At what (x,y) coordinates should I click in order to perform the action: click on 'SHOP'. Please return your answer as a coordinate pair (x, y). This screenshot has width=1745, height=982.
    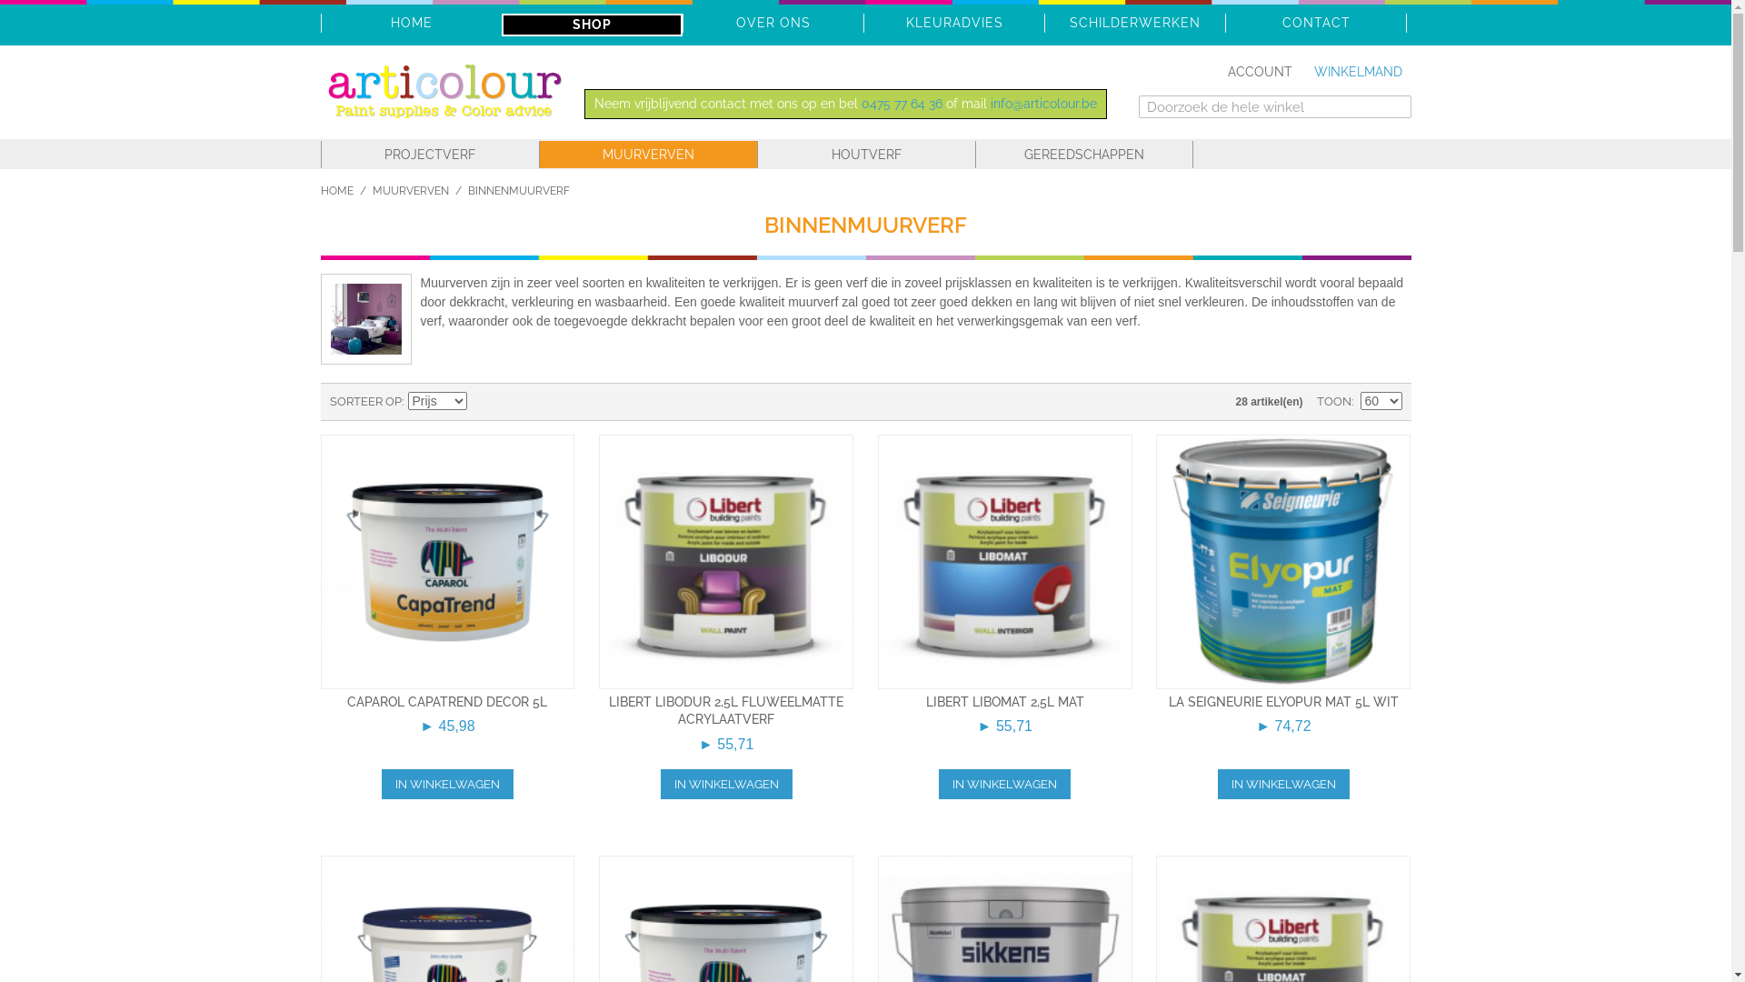
    Looking at the image, I should click on (592, 25).